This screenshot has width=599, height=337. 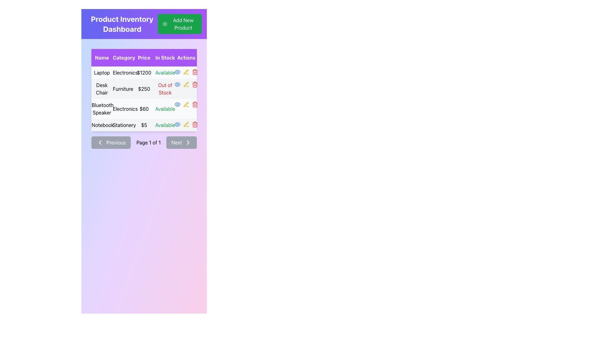 I want to click on the 'Add New Product' button located at the top right of the 'Product Inventory Dashboard' header, so click(x=179, y=24).